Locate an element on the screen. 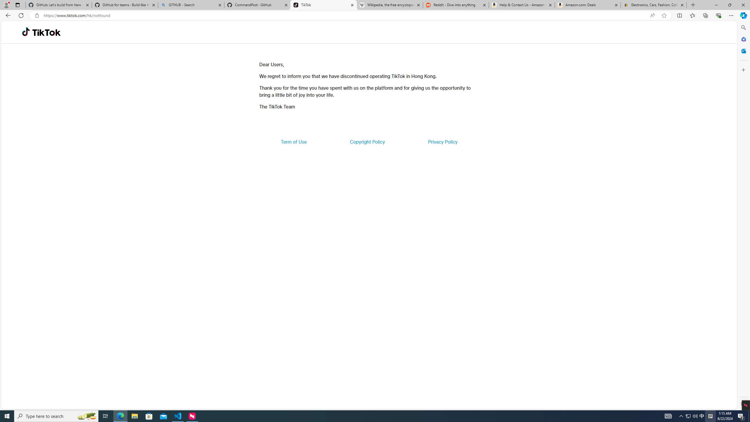  'Copyright Policy' is located at coordinates (367, 141).